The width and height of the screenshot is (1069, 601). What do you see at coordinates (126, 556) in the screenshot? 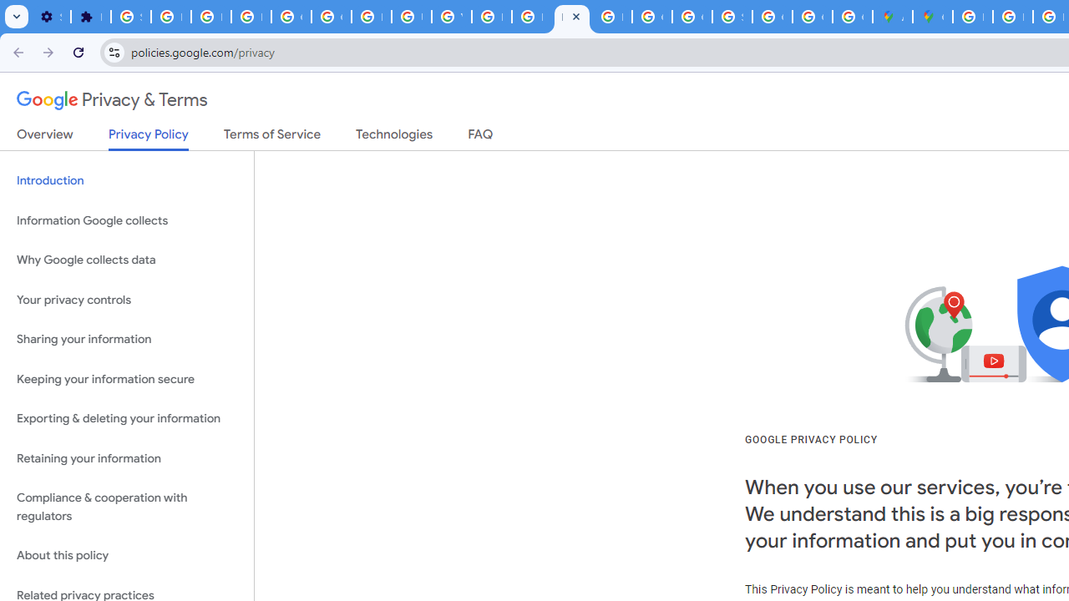
I see `'About this policy'` at bounding box center [126, 556].